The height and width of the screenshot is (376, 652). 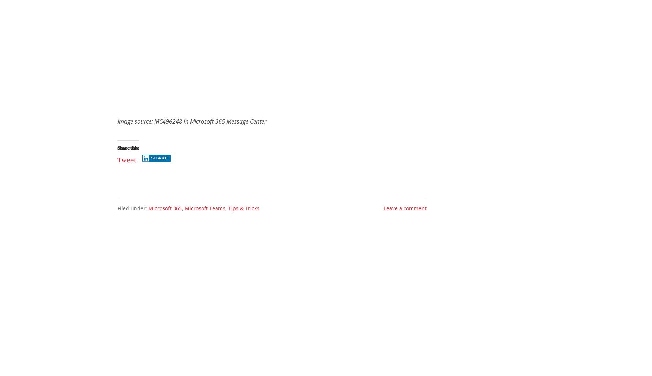 I want to click on 'Microsoft 365', so click(x=165, y=208).